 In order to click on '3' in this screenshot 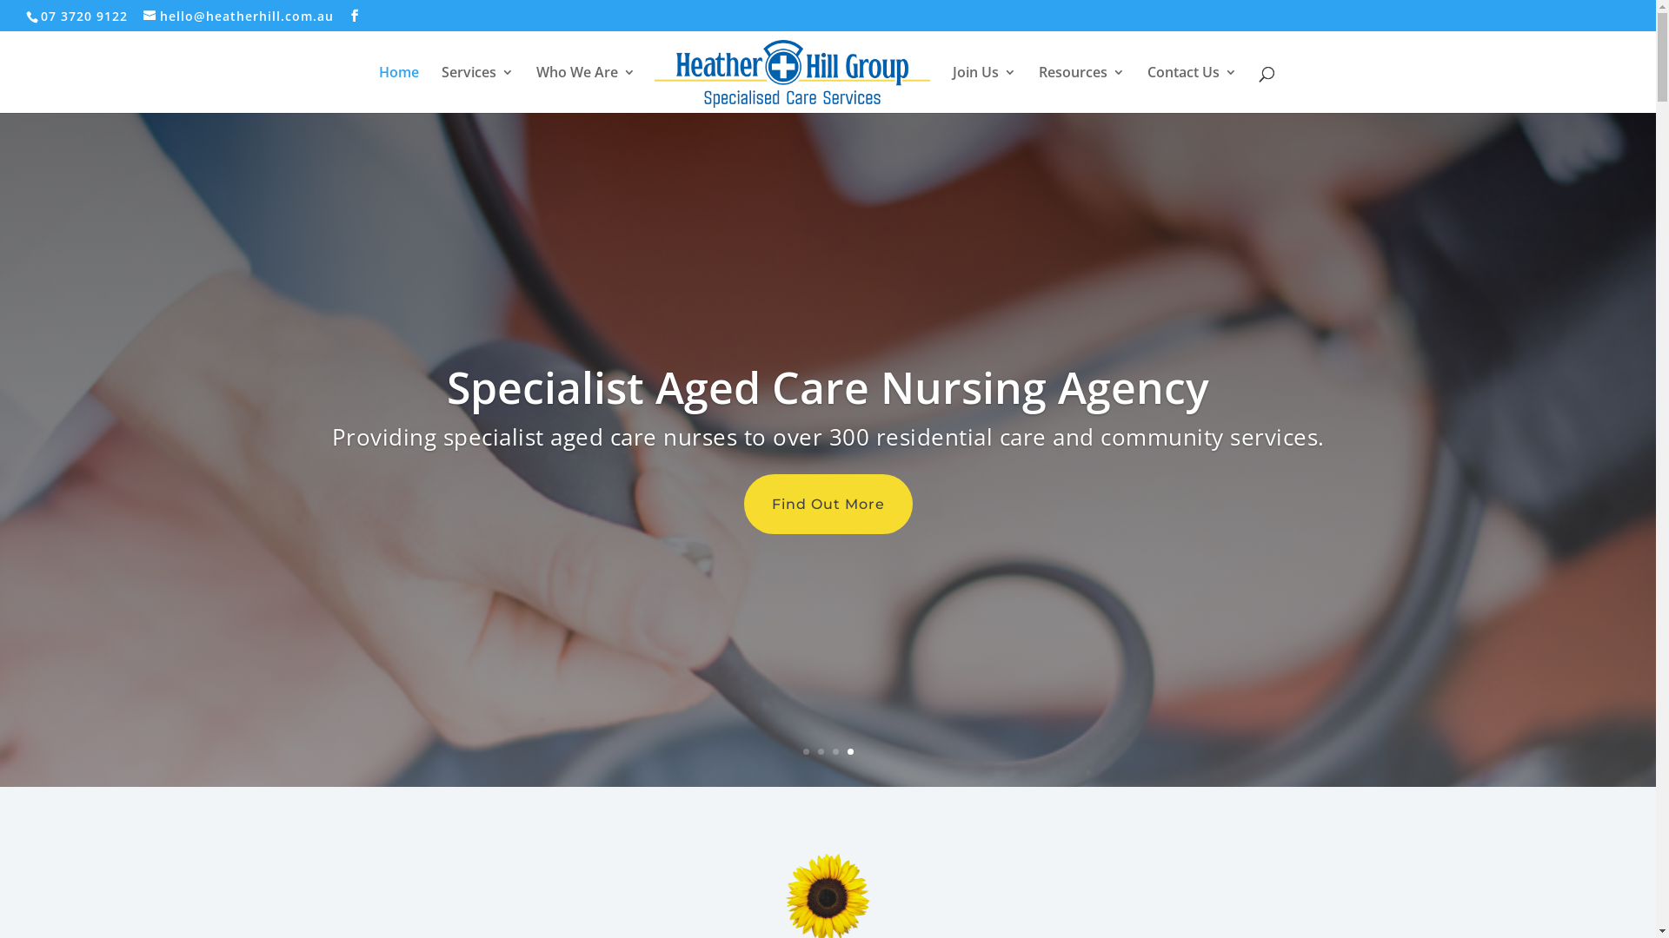, I will do `click(835, 750)`.